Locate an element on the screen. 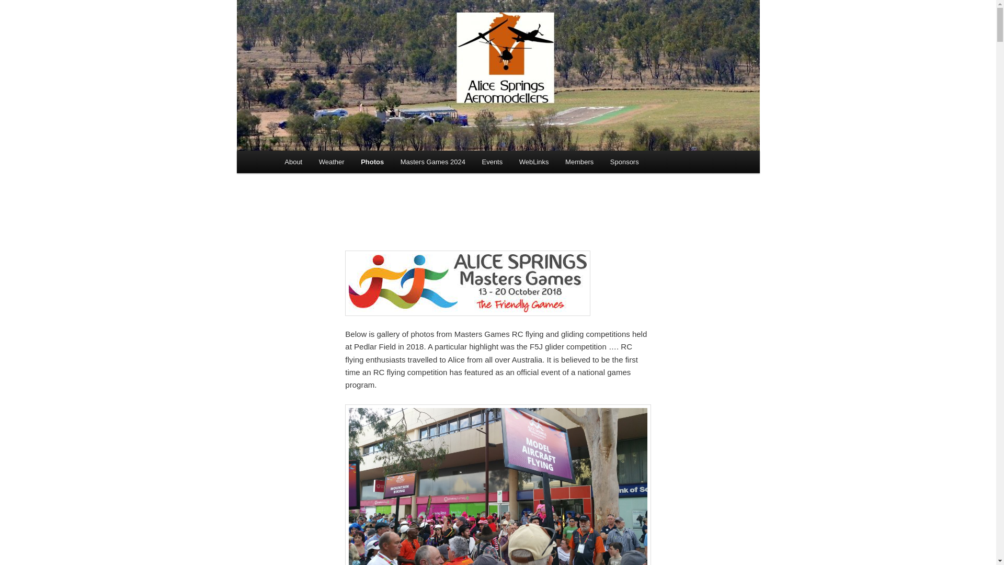  'Weather' is located at coordinates (330, 162).